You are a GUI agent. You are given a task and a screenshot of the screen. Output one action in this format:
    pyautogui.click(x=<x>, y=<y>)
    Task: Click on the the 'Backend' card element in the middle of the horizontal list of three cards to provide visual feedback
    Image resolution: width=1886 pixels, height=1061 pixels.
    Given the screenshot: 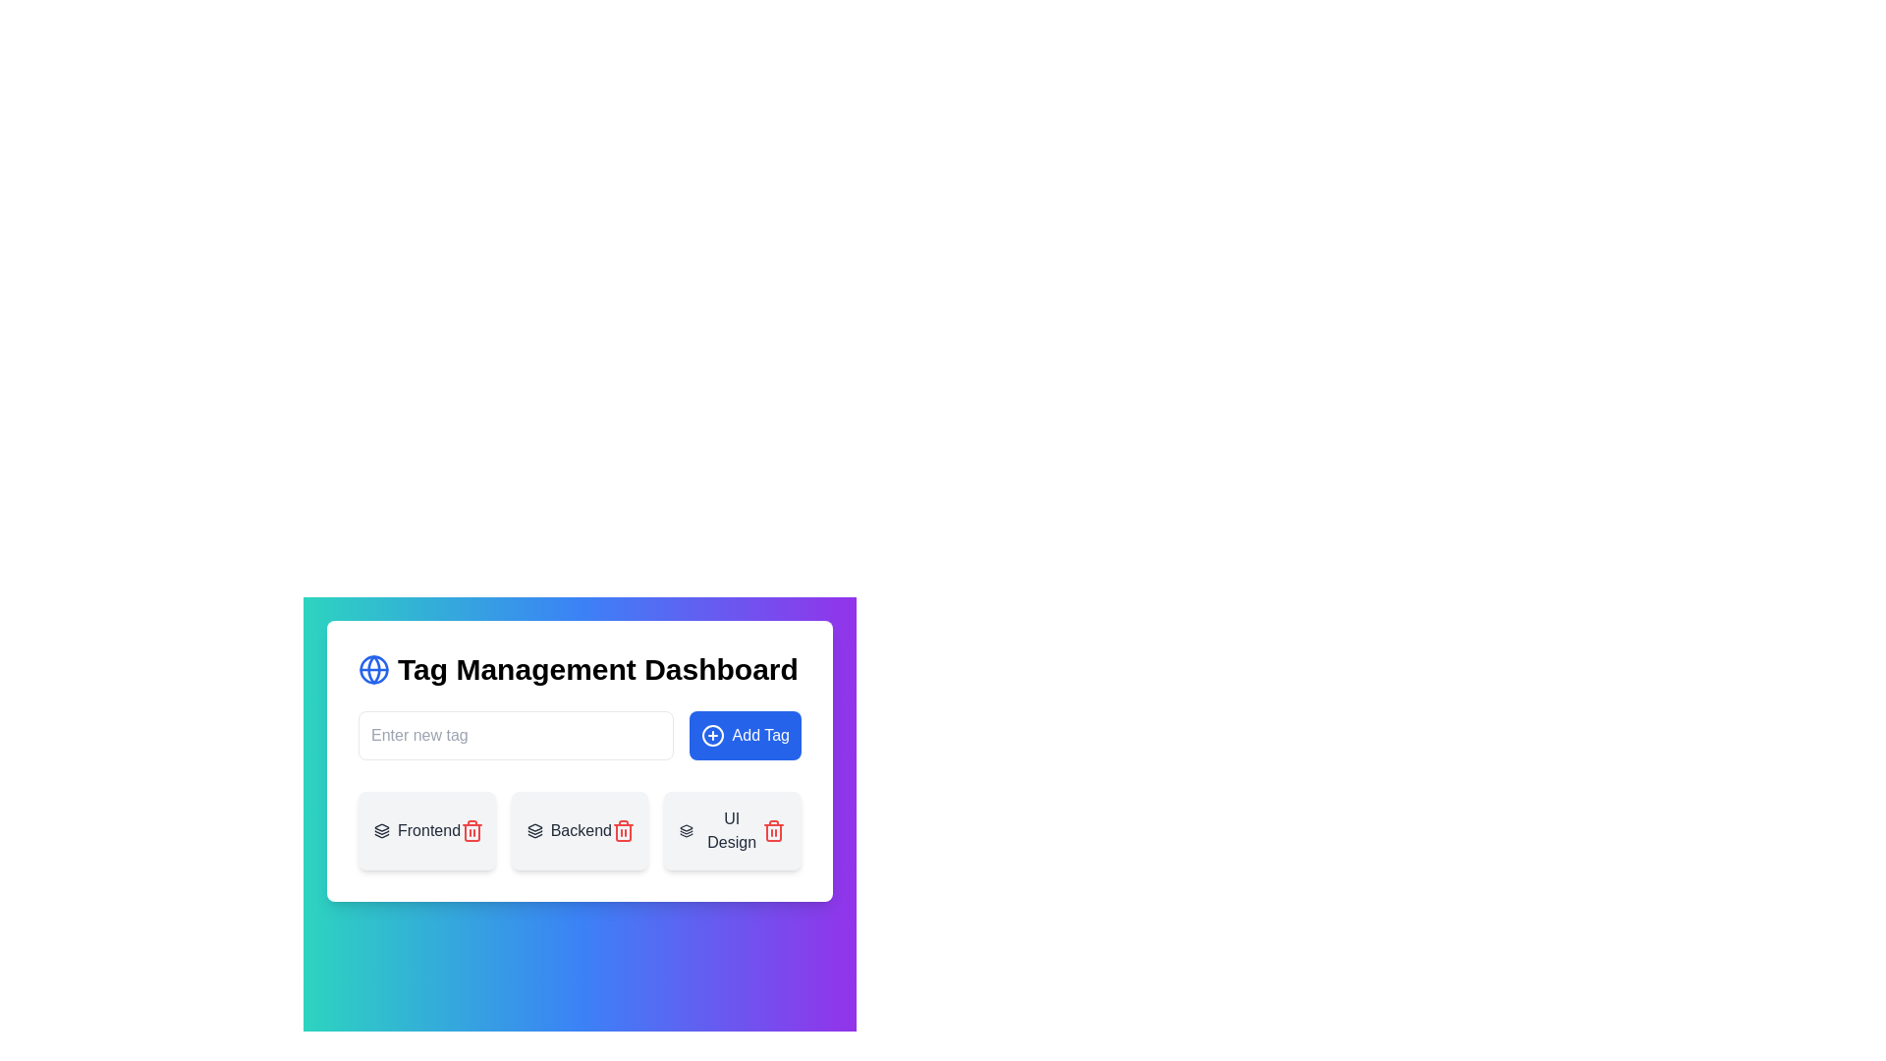 What is the action you would take?
    pyautogui.click(x=579, y=830)
    